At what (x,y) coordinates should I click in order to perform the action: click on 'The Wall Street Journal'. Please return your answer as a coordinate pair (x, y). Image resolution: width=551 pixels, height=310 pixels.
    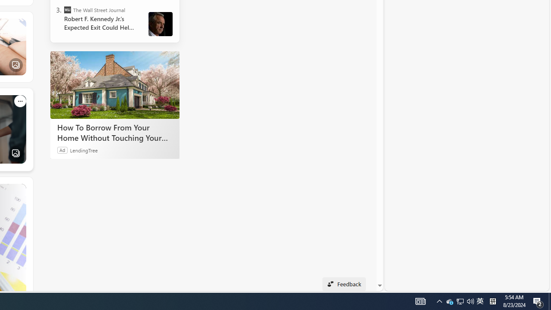
    Looking at the image, I should click on (67, 10).